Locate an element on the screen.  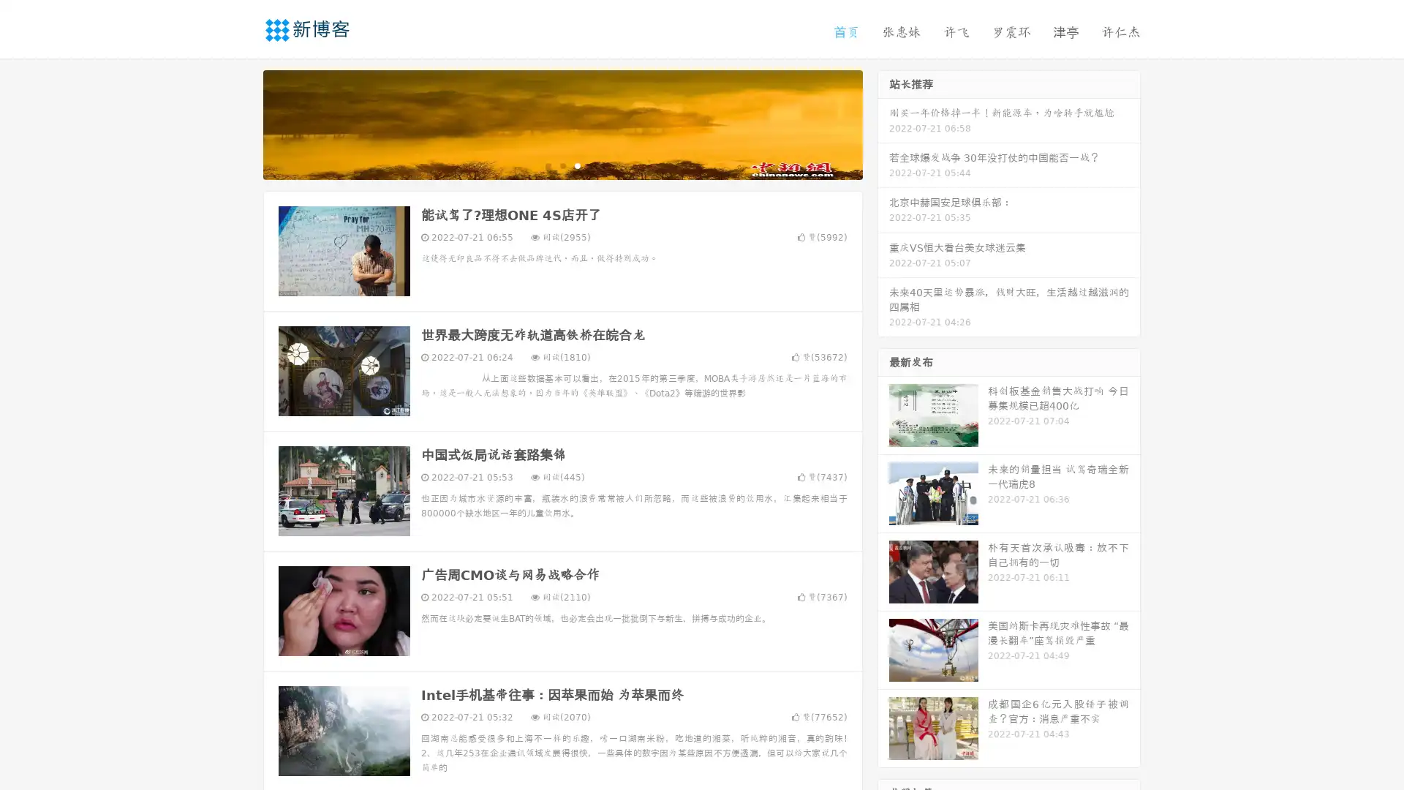
Previous slide is located at coordinates (241, 123).